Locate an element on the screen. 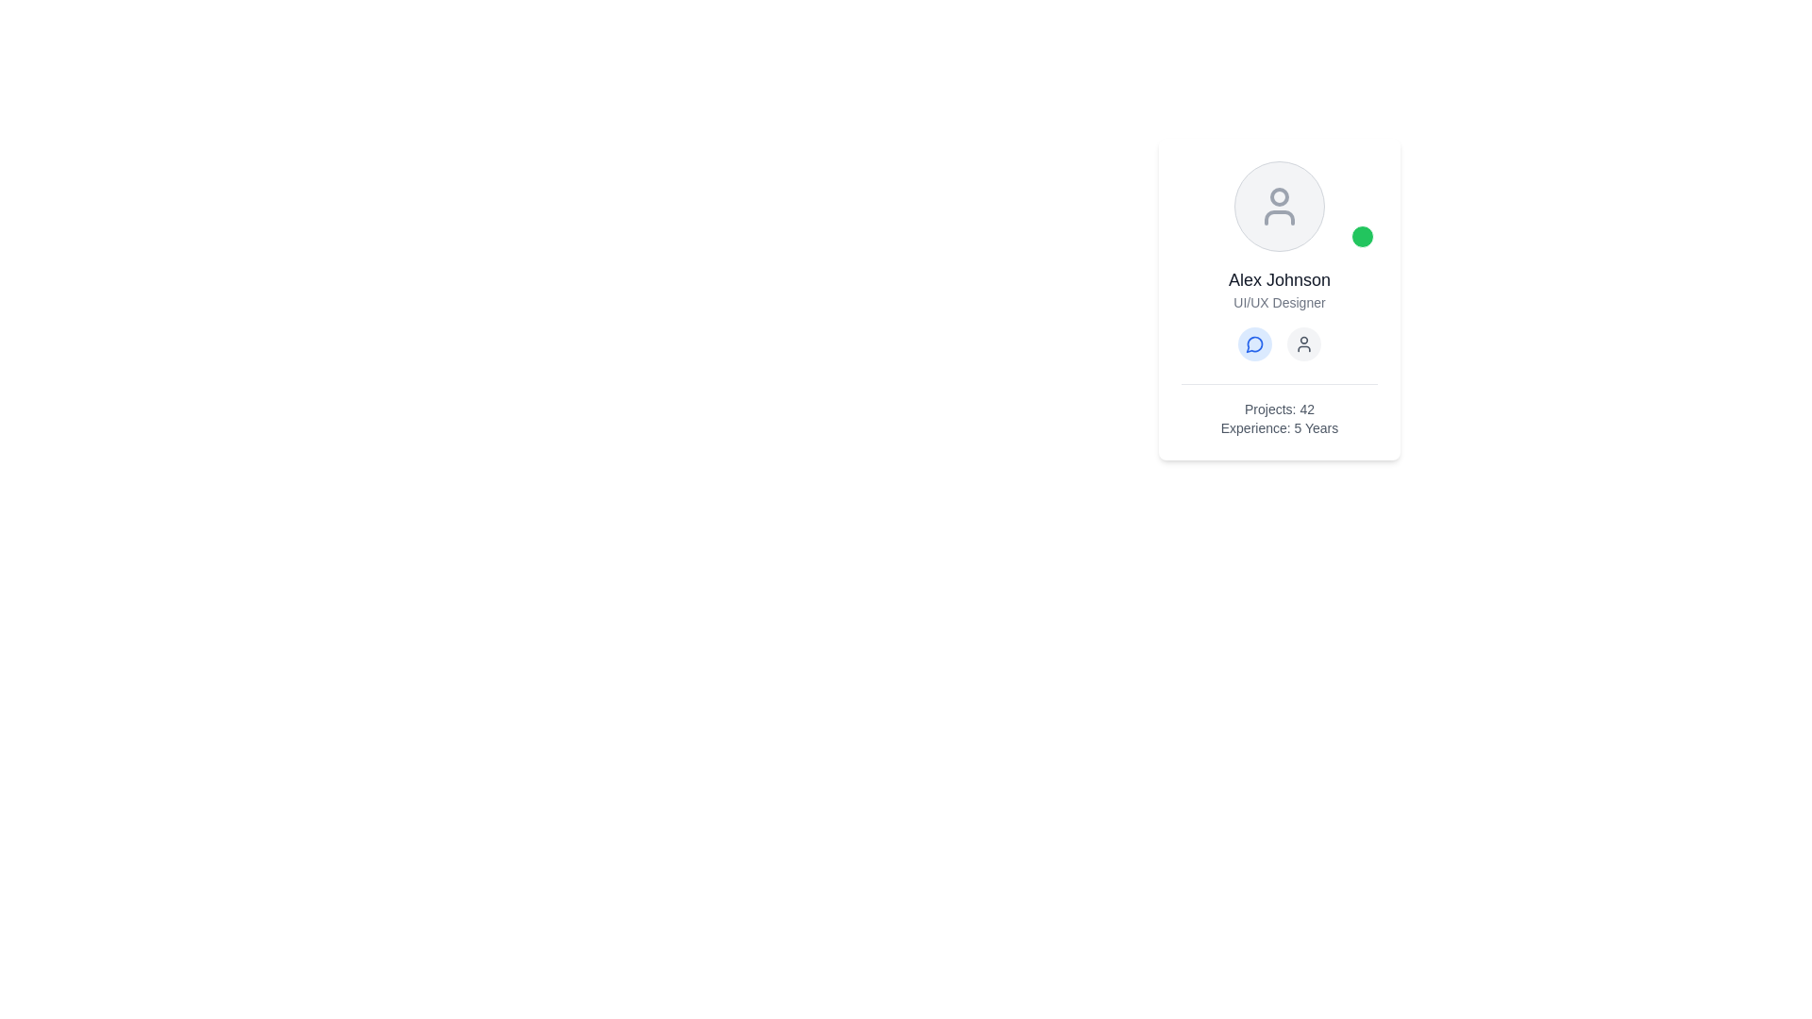  the circular graphic representing the user profile icon at the top-center of the user profile card interface is located at coordinates (1280, 196).